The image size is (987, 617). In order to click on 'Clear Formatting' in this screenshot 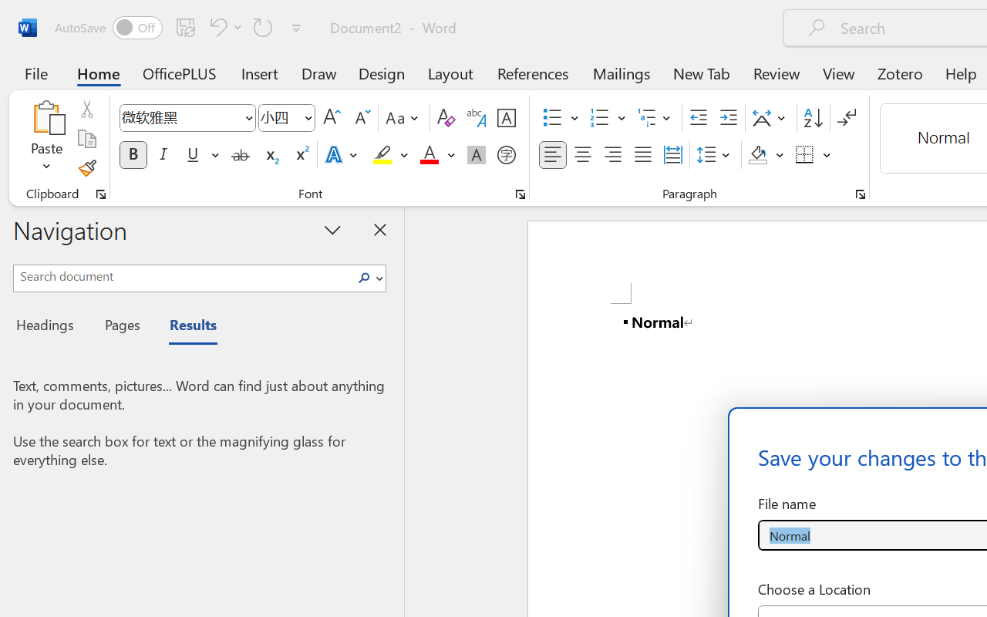, I will do `click(445, 118)`.